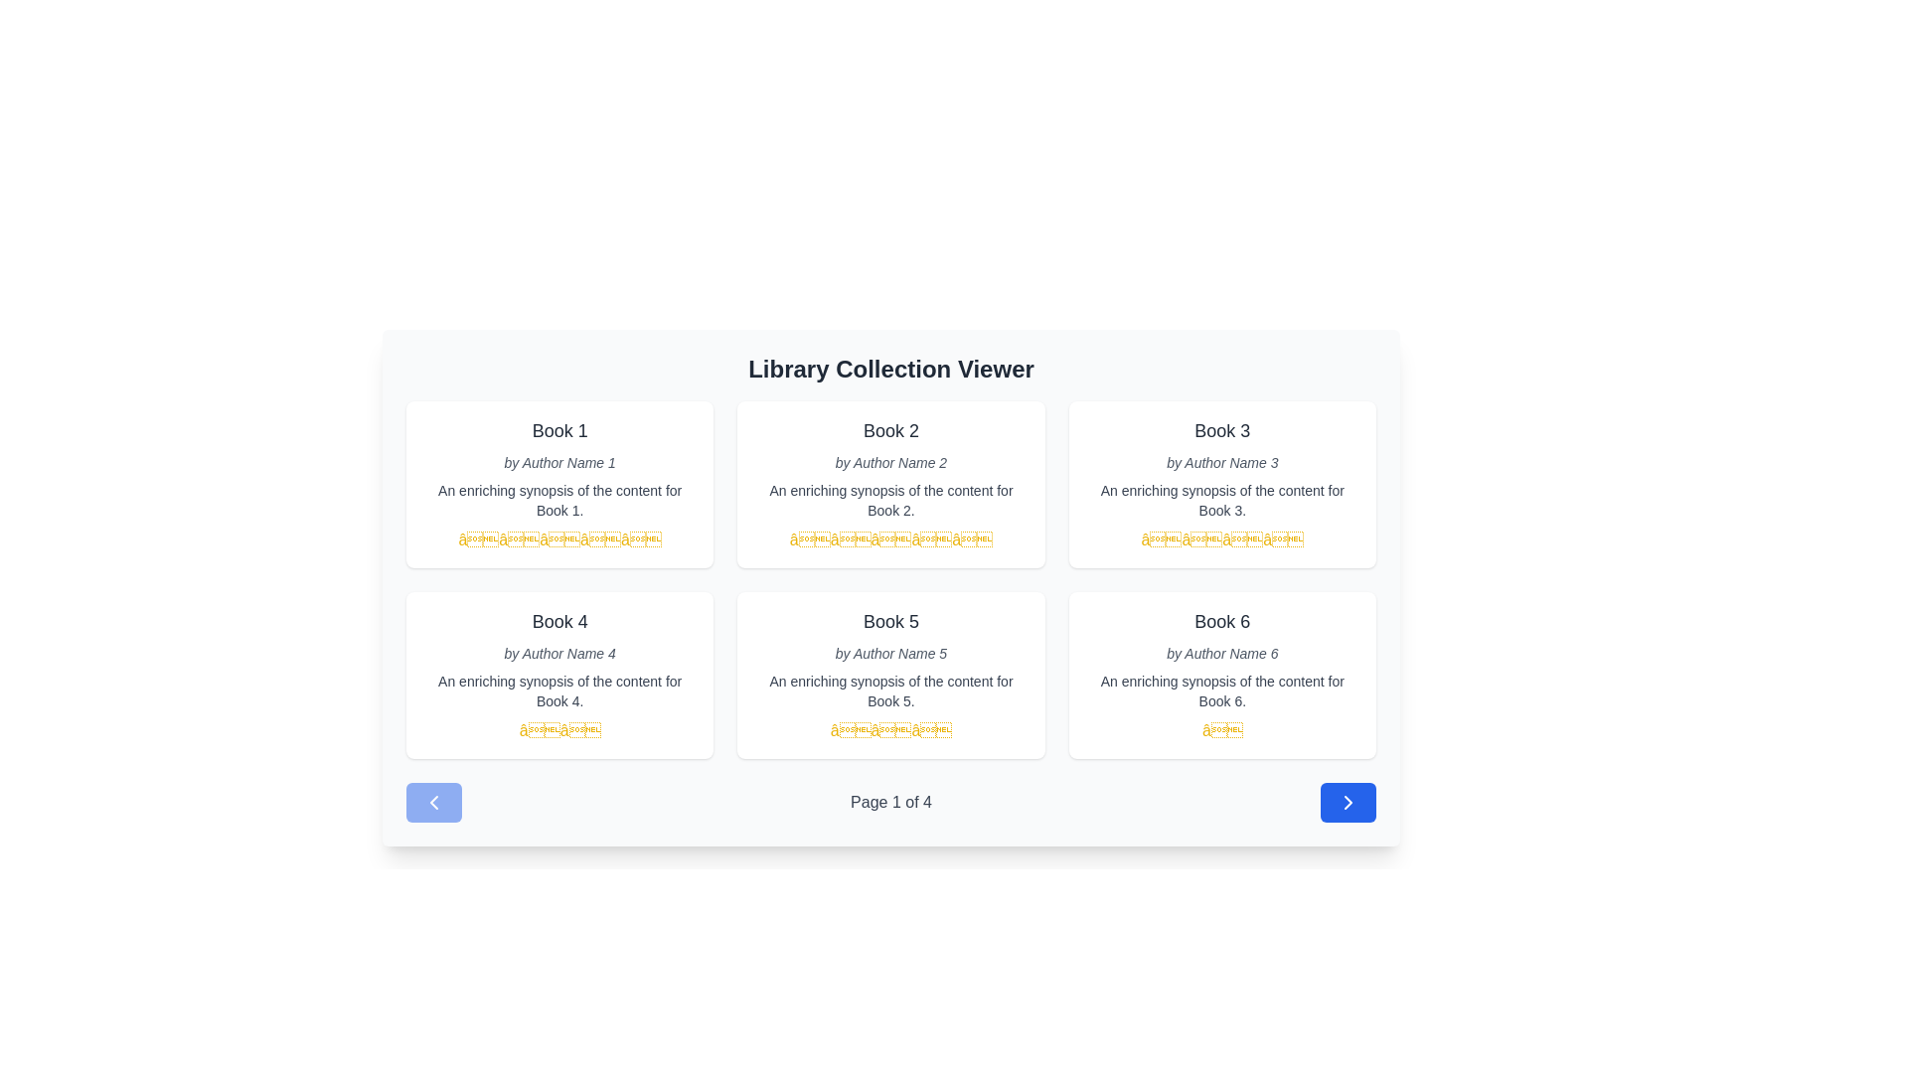 This screenshot has width=1908, height=1073. I want to click on the static 4-star rating indicator located below the text 'An enriching synopsis of the content for Book 3' in the Book 3 card, so click(1221, 539).